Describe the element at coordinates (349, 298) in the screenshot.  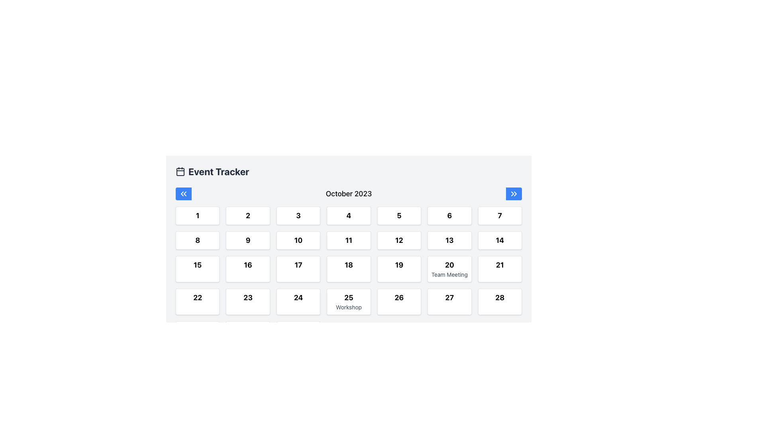
I see `the static text component displaying the number '25' within the calendar interface, which is the fifth box in the fourth row and has the 'Workshop' label underneath it` at that location.